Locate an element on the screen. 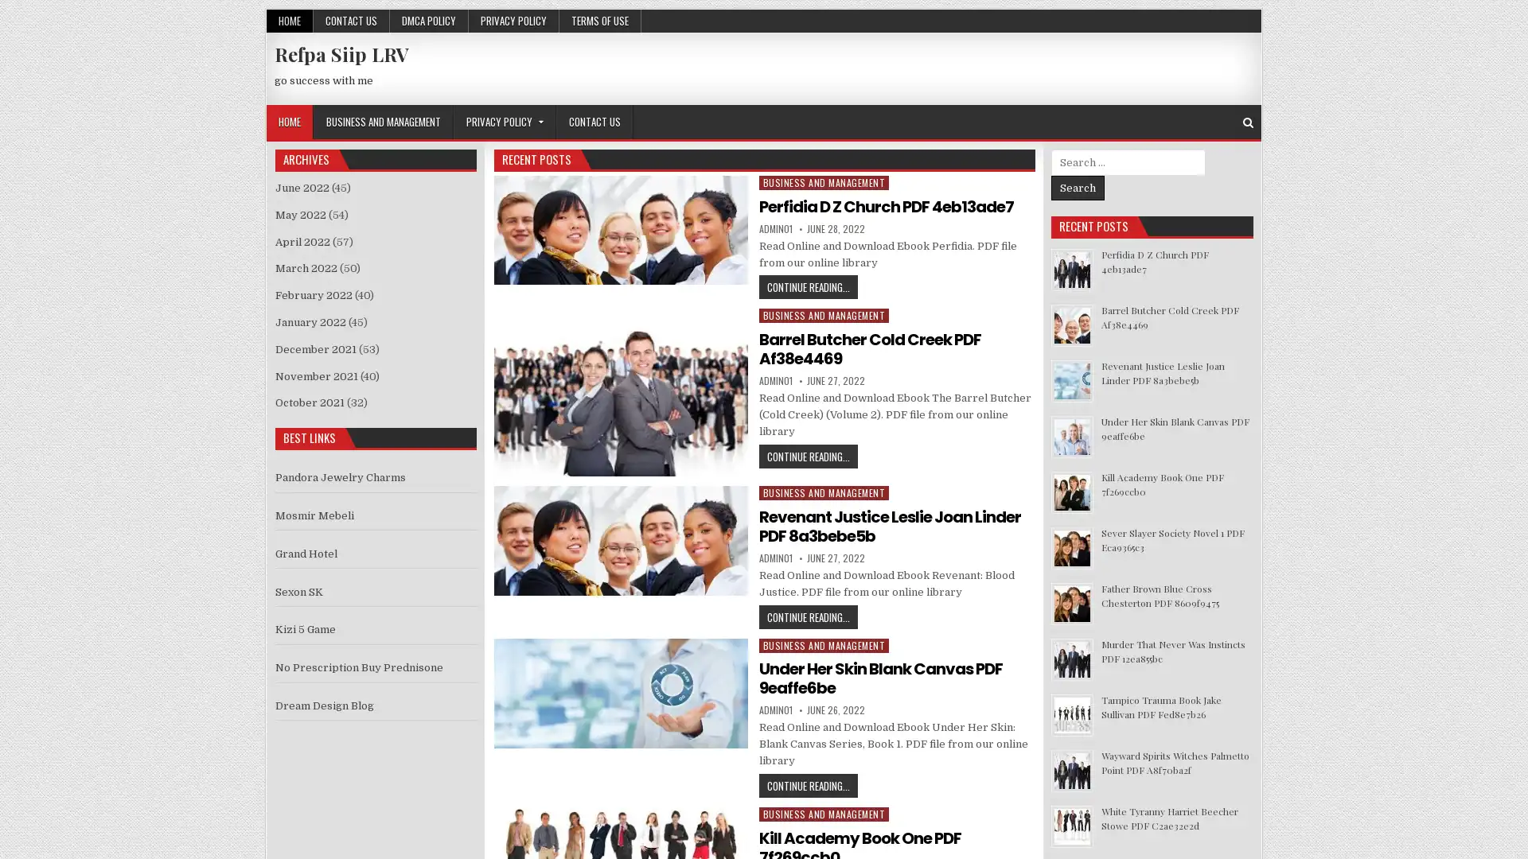  Search is located at coordinates (1078, 187).